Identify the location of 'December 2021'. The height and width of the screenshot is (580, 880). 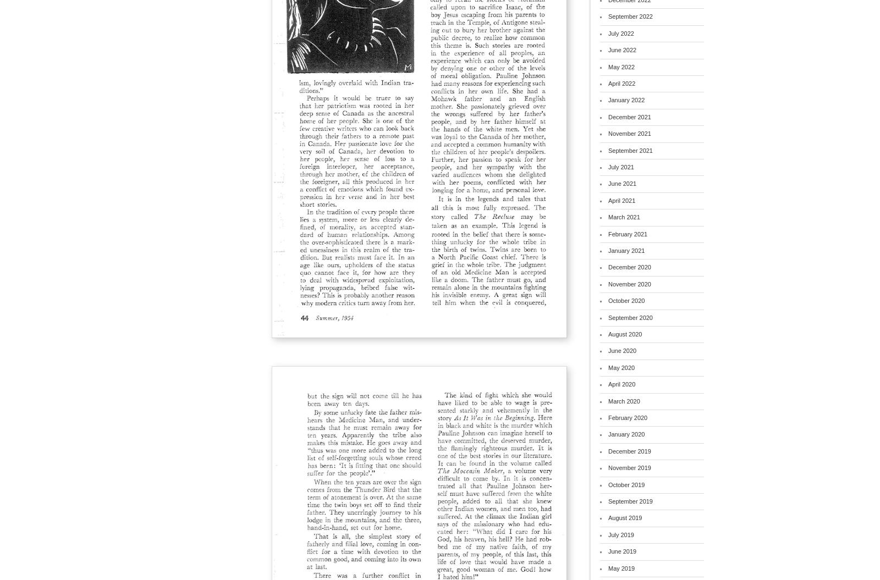
(629, 115).